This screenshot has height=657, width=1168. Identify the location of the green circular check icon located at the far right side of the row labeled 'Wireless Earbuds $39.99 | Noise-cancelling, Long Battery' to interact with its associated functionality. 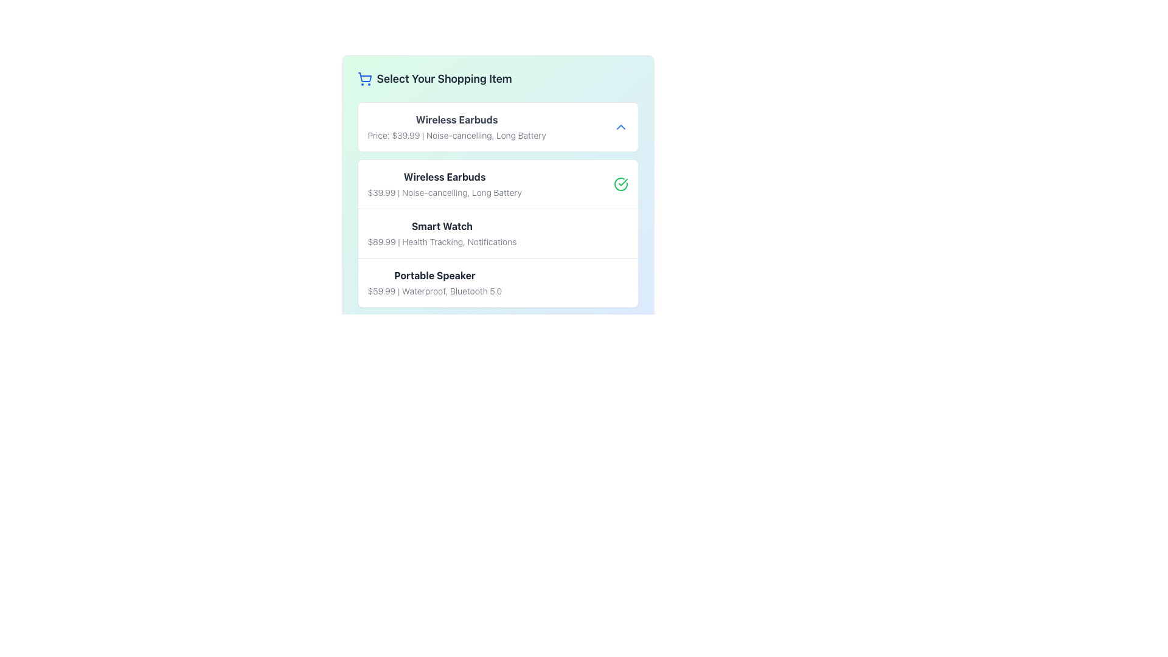
(620, 184).